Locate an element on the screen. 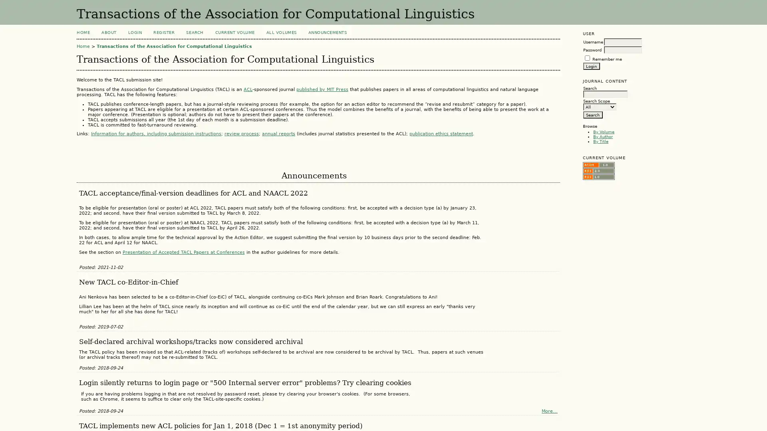  Search is located at coordinates (592, 114).